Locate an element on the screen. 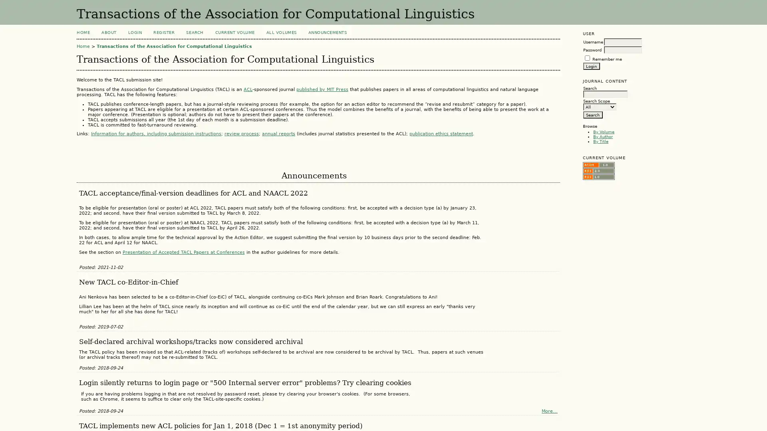  Search is located at coordinates (592, 114).